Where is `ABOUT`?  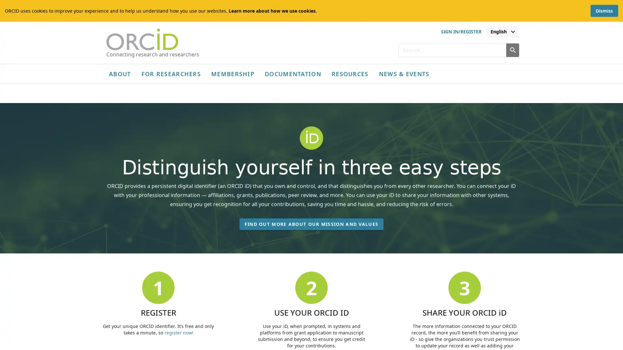 ABOUT is located at coordinates (120, 73).